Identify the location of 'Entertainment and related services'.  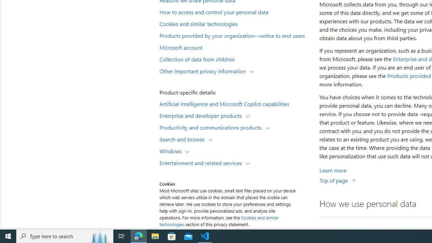
(202, 163).